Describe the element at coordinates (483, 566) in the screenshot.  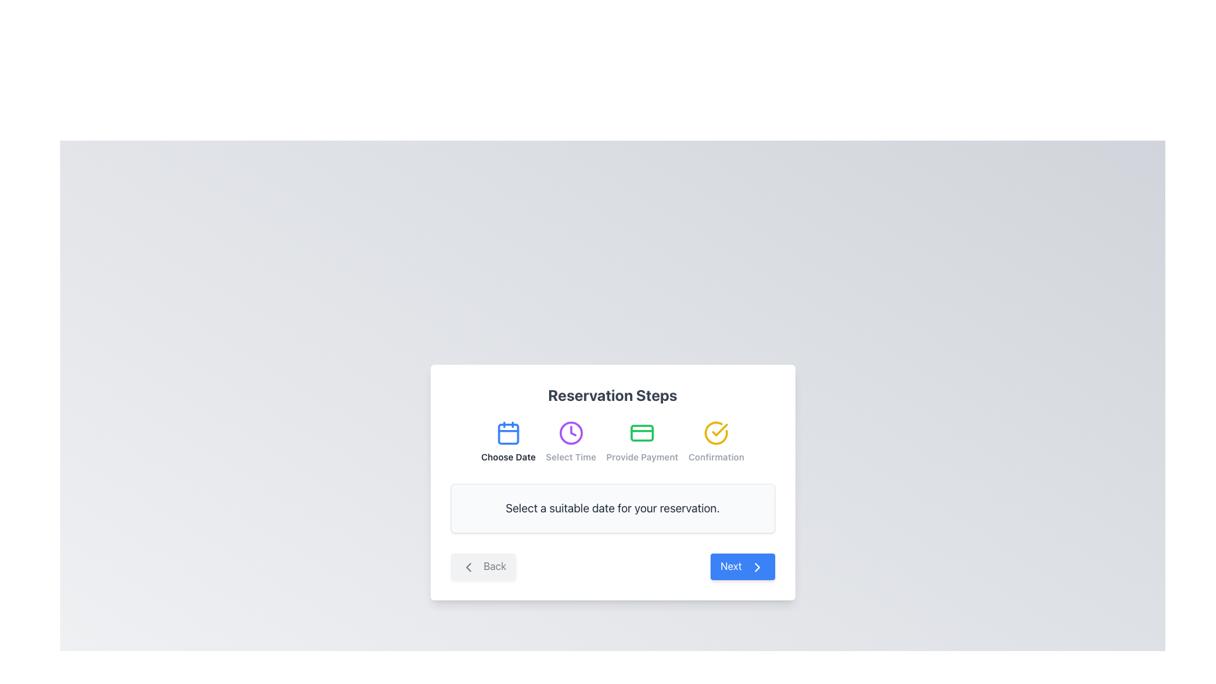
I see `the 'Previous' navigation button located at the bottom left of the navigation buttons group` at that location.